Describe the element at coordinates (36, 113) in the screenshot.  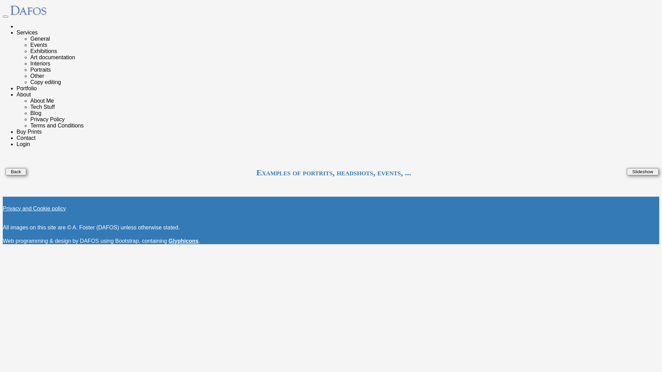
I see `'Blog'` at that location.